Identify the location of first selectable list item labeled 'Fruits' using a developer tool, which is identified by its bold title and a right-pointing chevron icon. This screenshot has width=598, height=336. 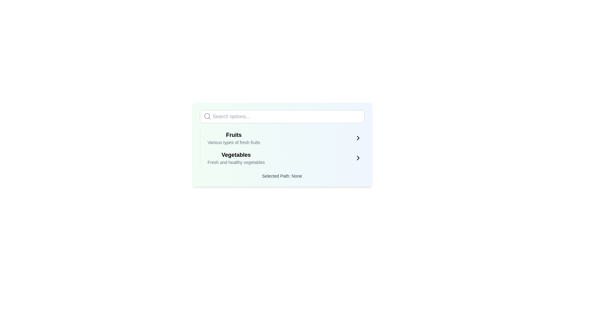
(284, 138).